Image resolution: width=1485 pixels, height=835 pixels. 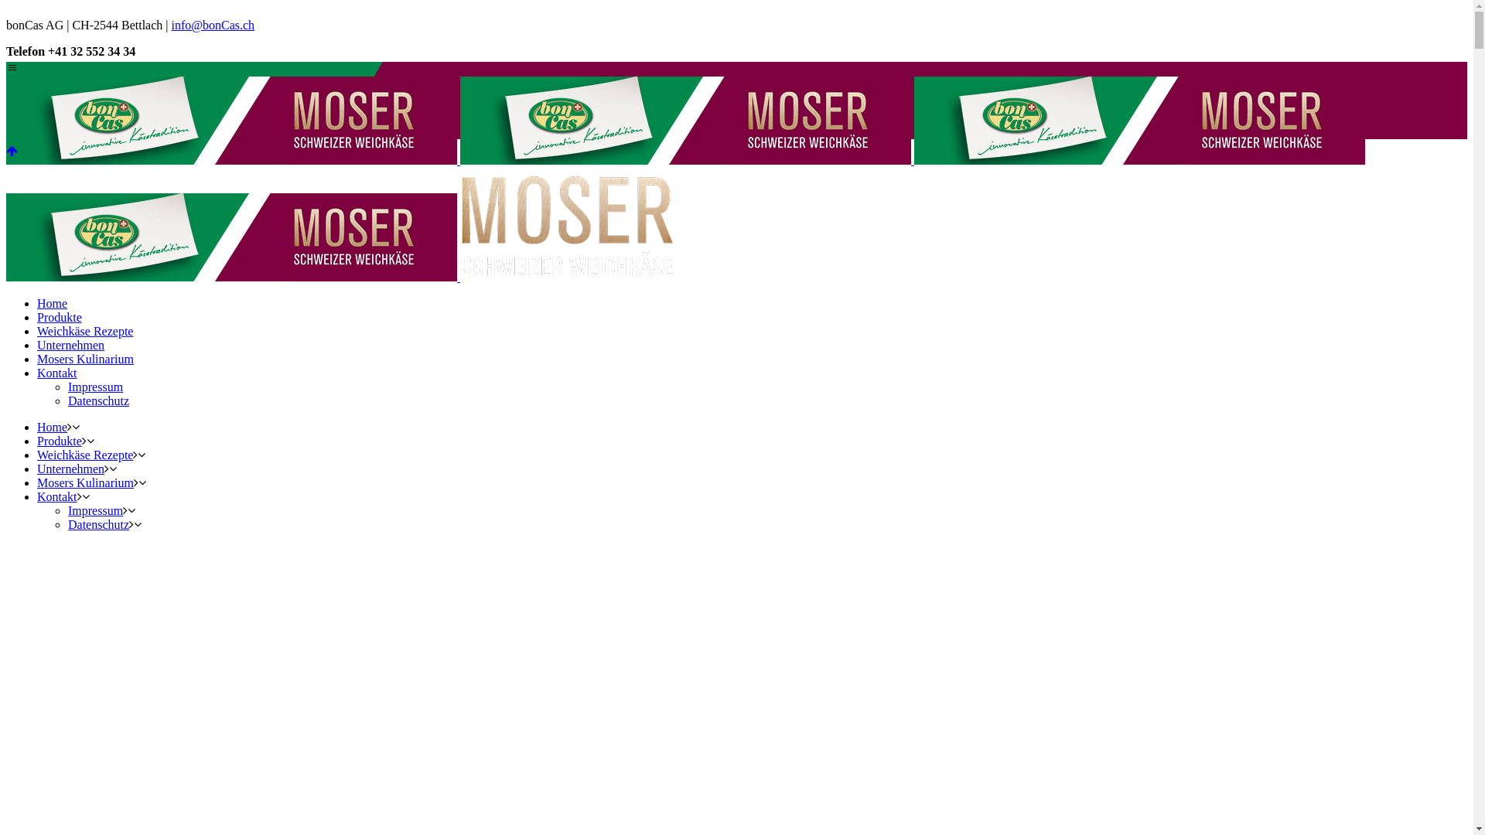 What do you see at coordinates (94, 510) in the screenshot?
I see `'Impressum'` at bounding box center [94, 510].